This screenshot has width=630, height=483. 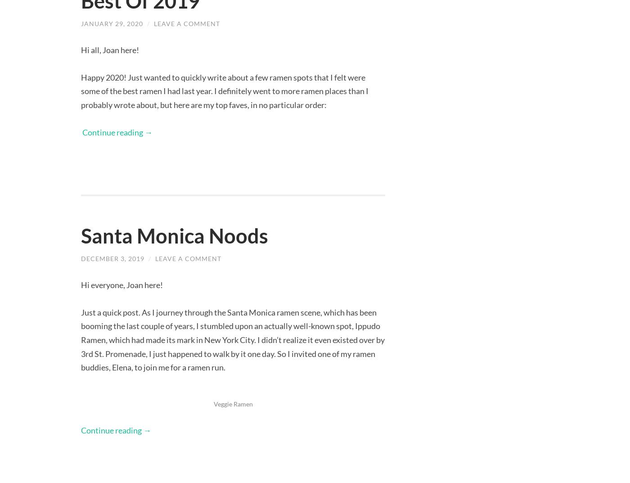 What do you see at coordinates (122, 284) in the screenshot?
I see `'Hi everyone, Joan here!'` at bounding box center [122, 284].